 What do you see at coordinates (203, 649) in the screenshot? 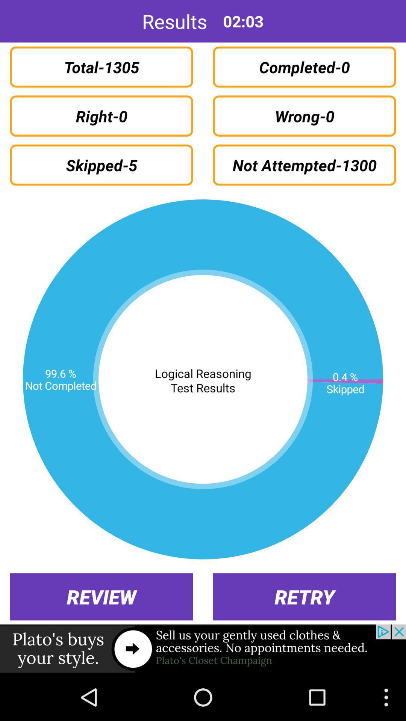
I see `open advertisement` at bounding box center [203, 649].